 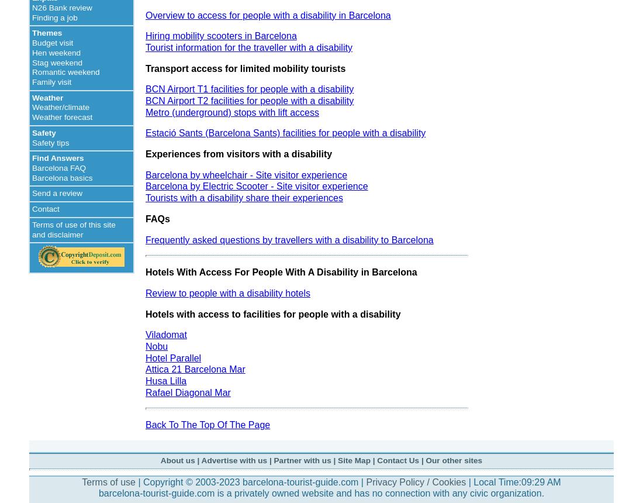 What do you see at coordinates (337, 460) in the screenshot?
I see `'Site Map'` at bounding box center [337, 460].